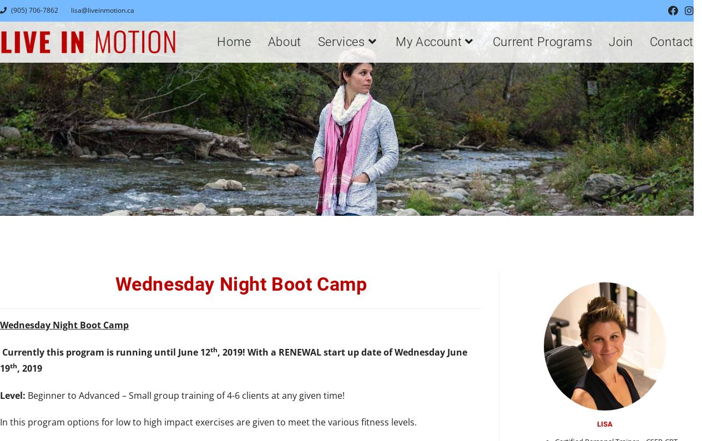  I want to click on 'Beginner to Advanced – Small group training of 4-6 clients at any given time!', so click(184, 395).